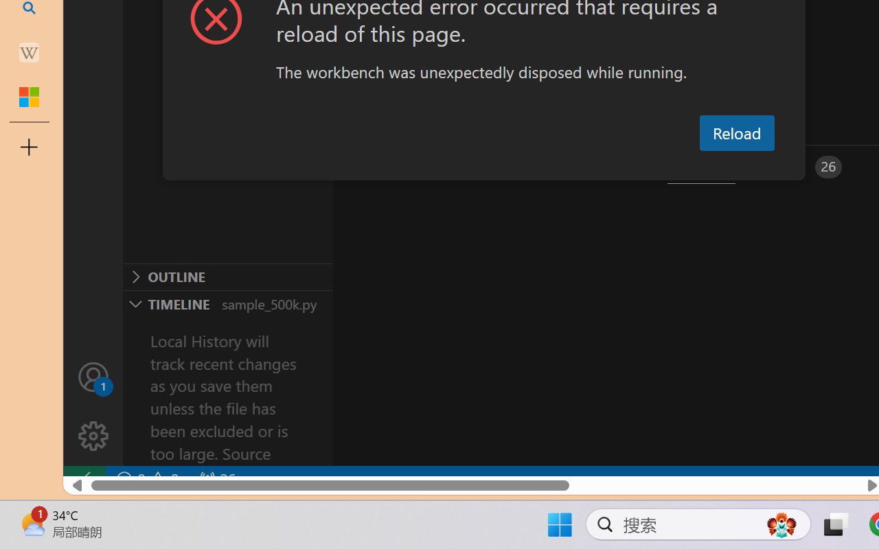 Image resolution: width=879 pixels, height=549 pixels. I want to click on 'No Problems', so click(146, 479).